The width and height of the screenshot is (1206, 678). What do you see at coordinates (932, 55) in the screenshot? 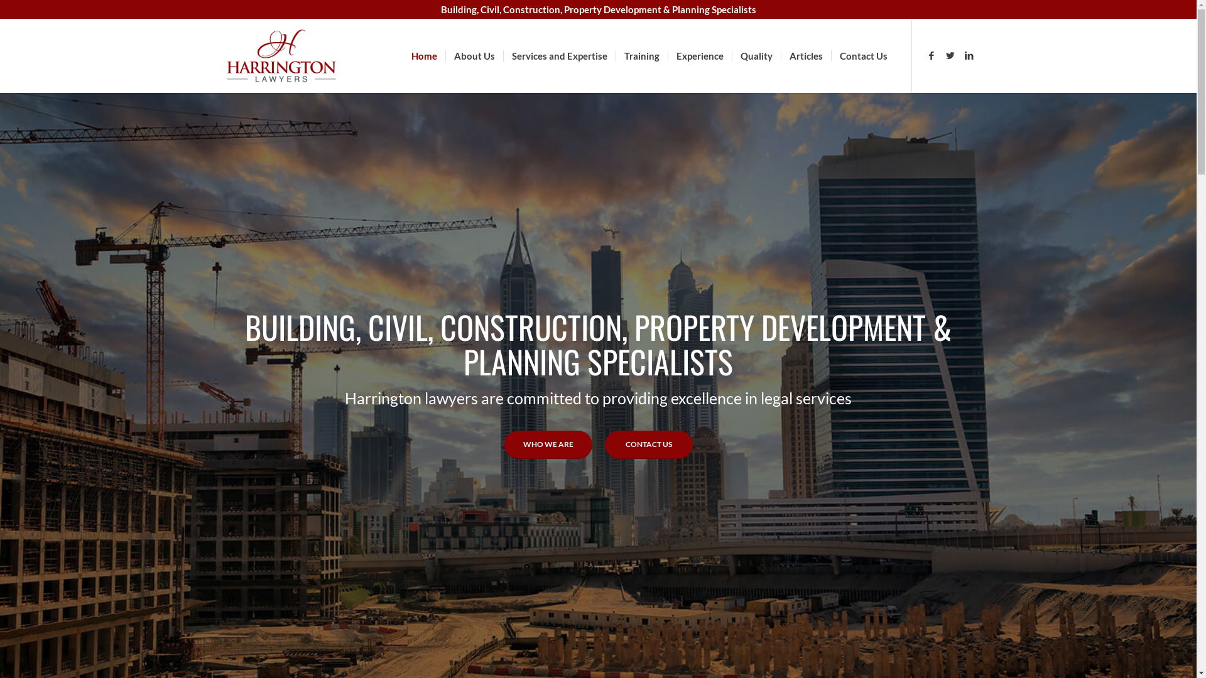
I see `'Facebook'` at bounding box center [932, 55].